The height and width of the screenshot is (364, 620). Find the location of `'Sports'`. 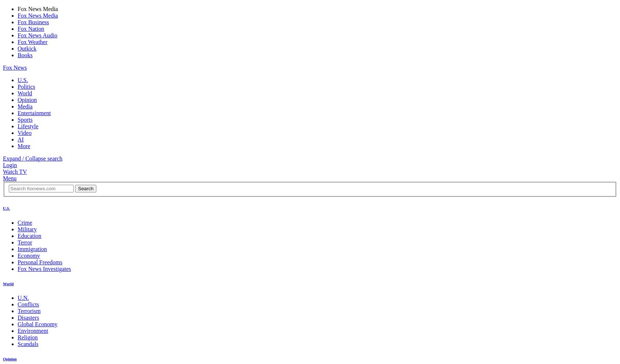

'Sports' is located at coordinates (25, 119).